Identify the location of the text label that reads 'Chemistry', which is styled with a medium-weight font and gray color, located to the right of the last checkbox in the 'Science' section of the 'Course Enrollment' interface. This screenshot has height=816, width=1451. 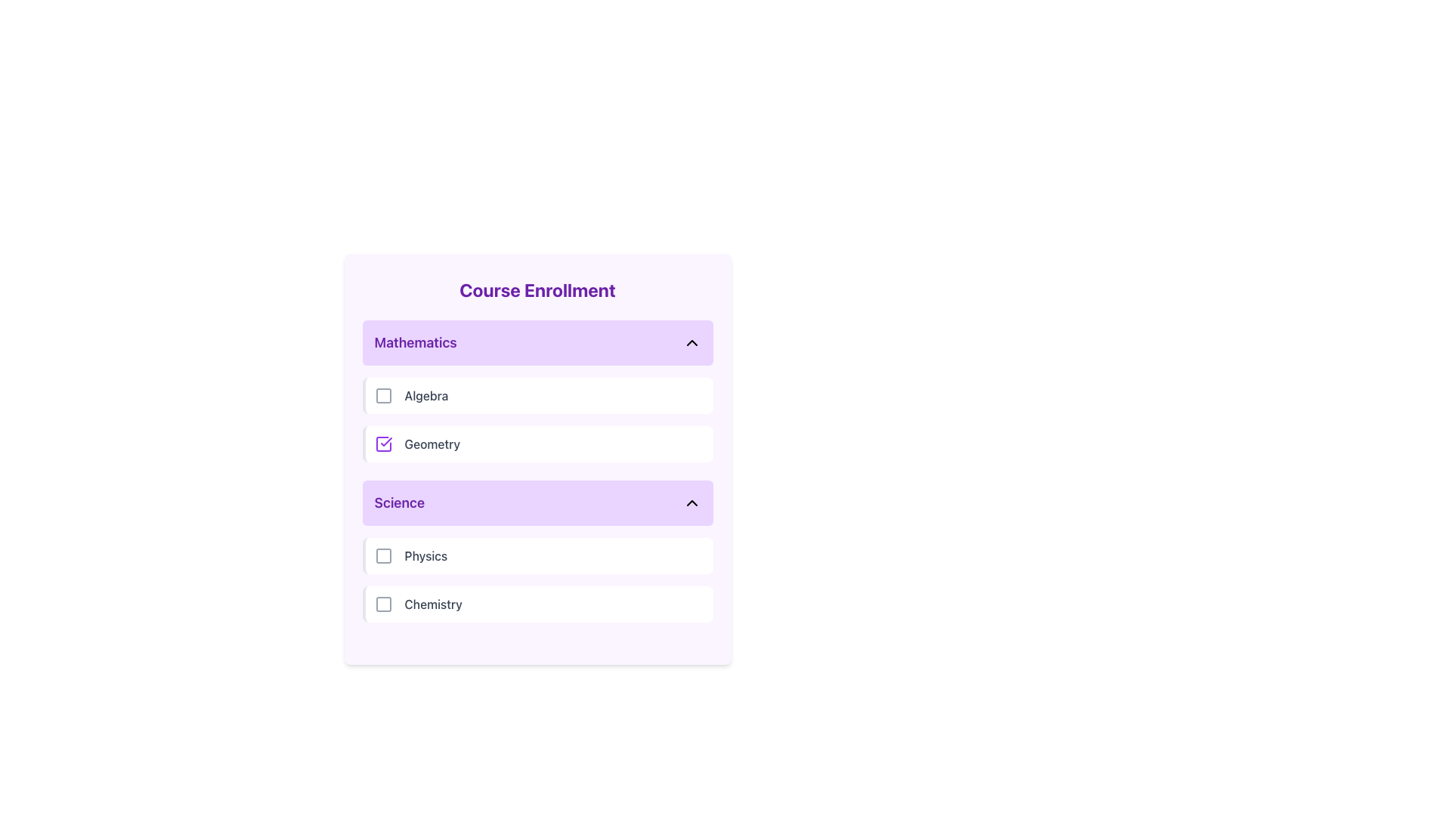
(432, 603).